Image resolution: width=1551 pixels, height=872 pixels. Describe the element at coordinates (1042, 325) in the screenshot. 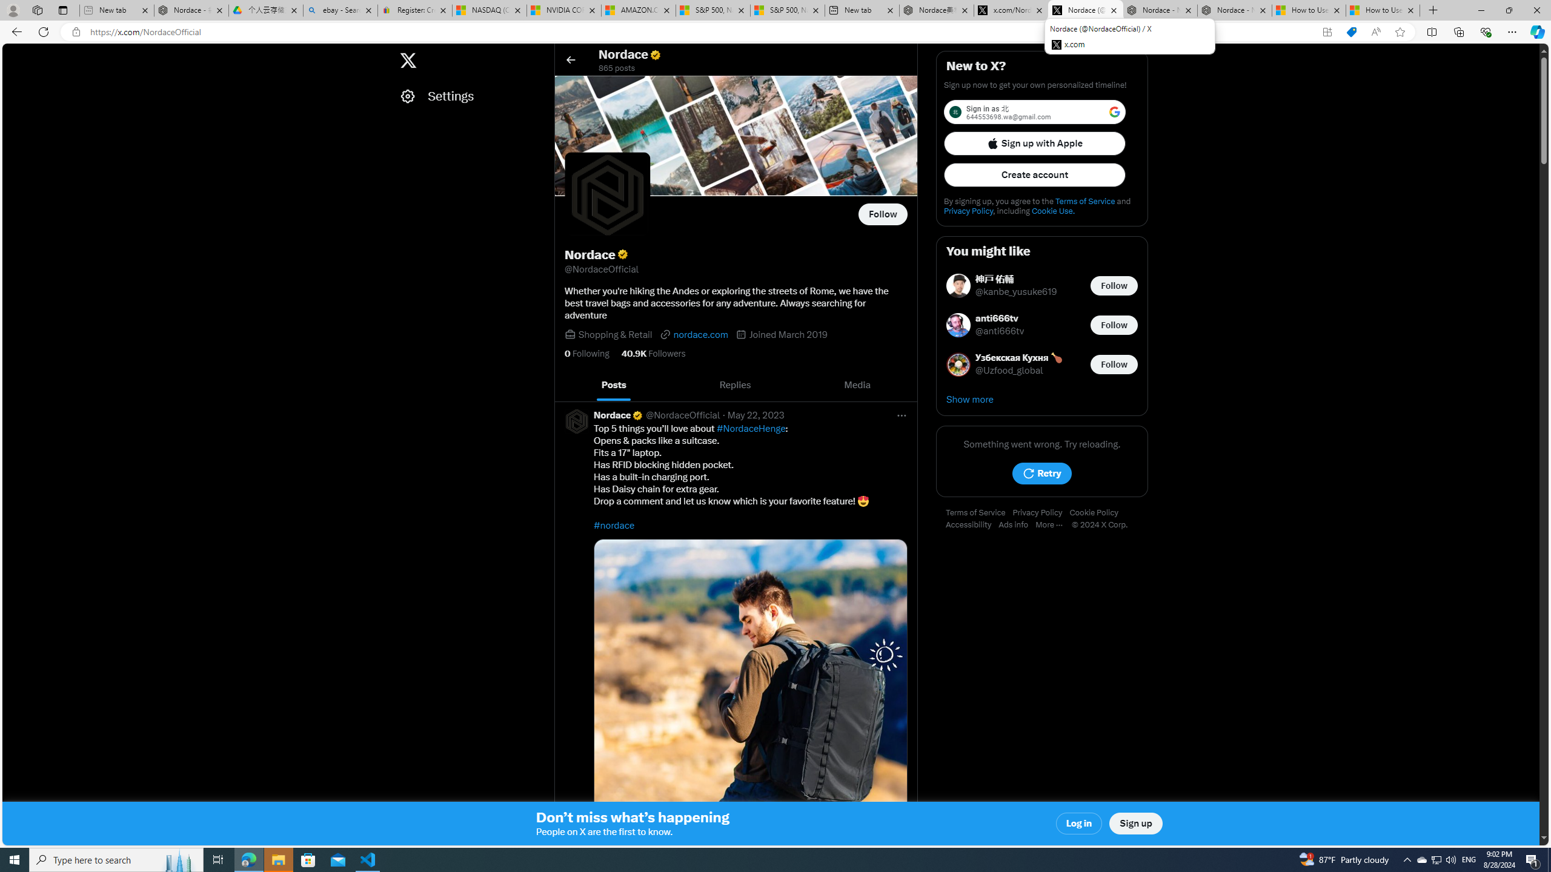

I see `'anti666tv @anti666tv Follow @anti666tv'` at that location.